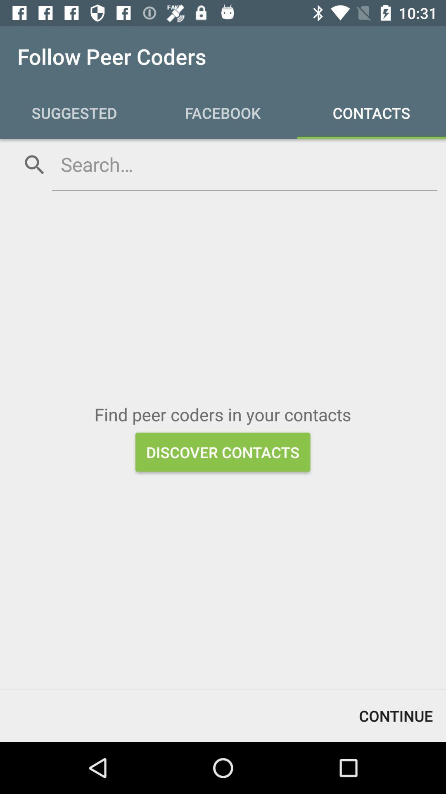  Describe the element at coordinates (244, 164) in the screenshot. I see `search for peer coders` at that location.